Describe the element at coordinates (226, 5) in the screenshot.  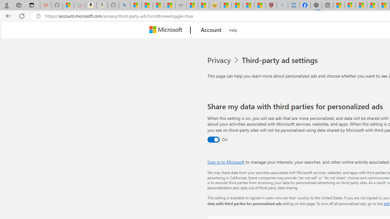
I see `'Recipes - MSN'` at that location.